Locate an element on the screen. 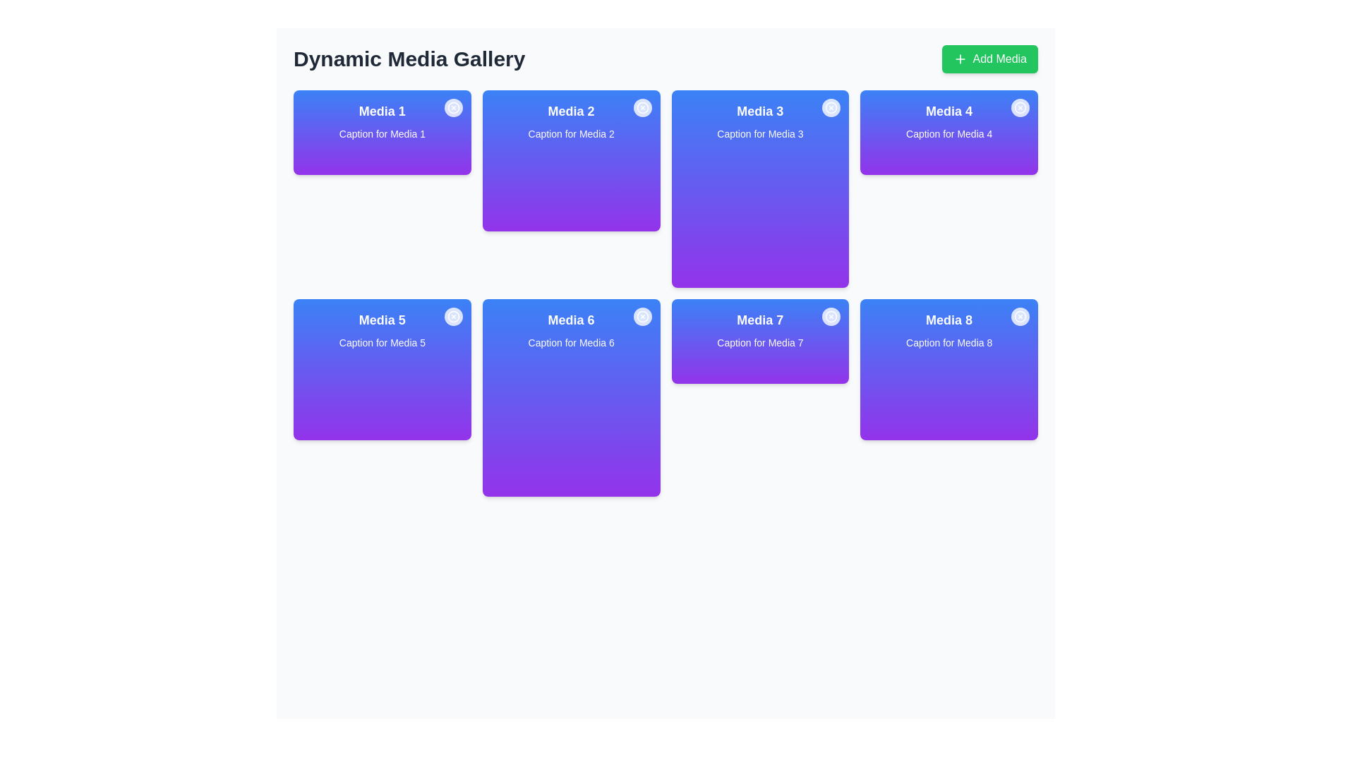 The height and width of the screenshot is (762, 1355). the delete button located at the top-right corner of the 'Media 4' card is located at coordinates (1020, 107).